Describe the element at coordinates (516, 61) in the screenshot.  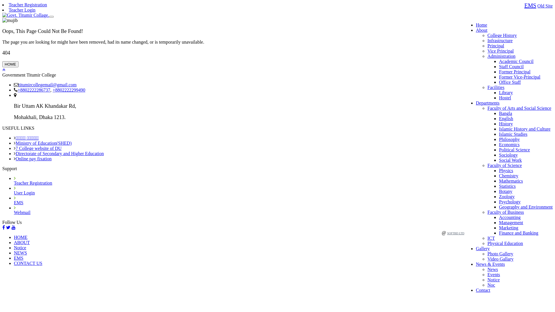
I see `'Academic Council'` at that location.